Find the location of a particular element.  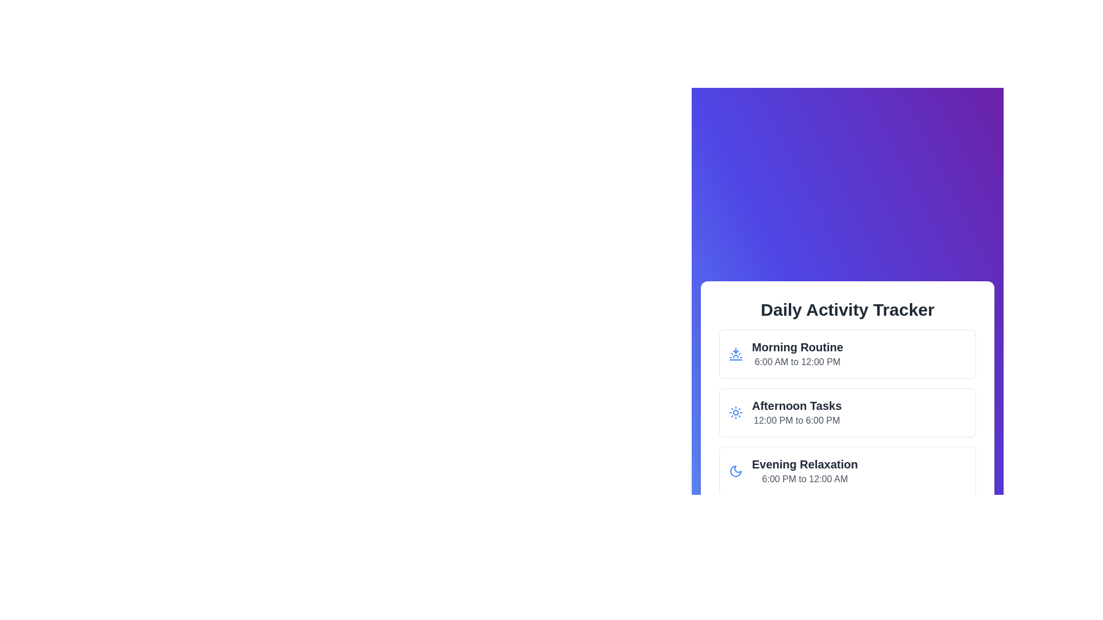

the text label indicating the time range for 'Evening Relaxation', which is located below the title text in the same section is located at coordinates (804, 479).